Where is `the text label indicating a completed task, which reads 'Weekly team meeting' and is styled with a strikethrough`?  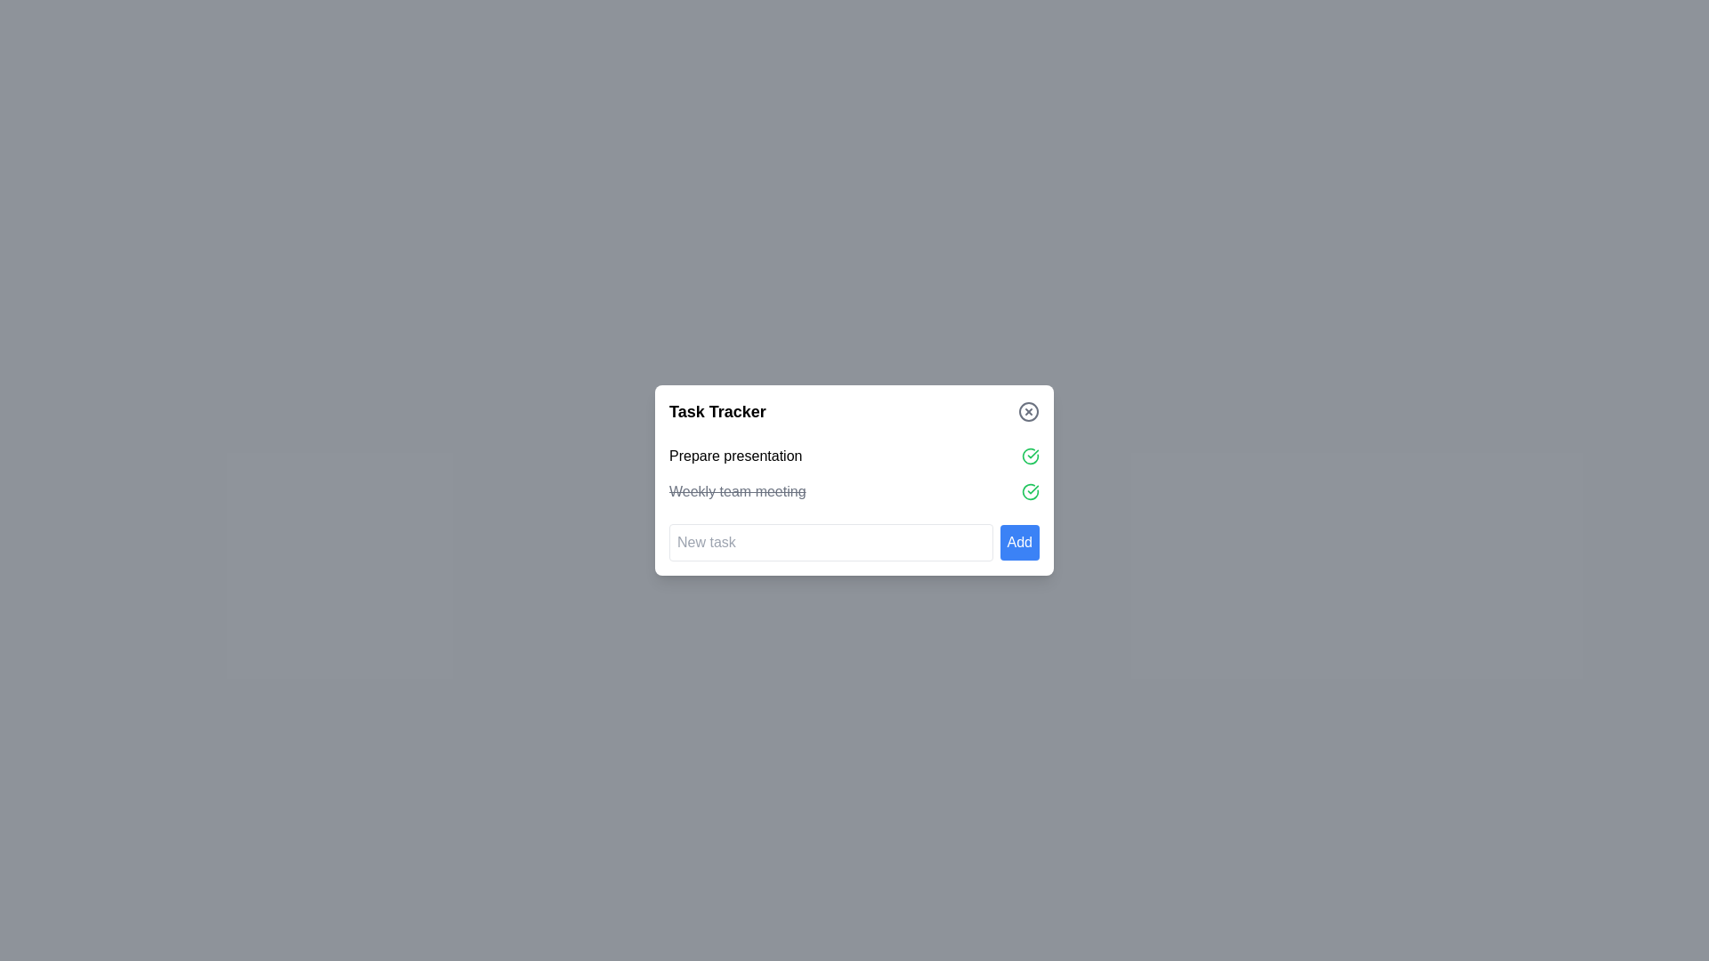
the text label indicating a completed task, which reads 'Weekly team meeting' and is styled with a strikethrough is located at coordinates (737, 491).